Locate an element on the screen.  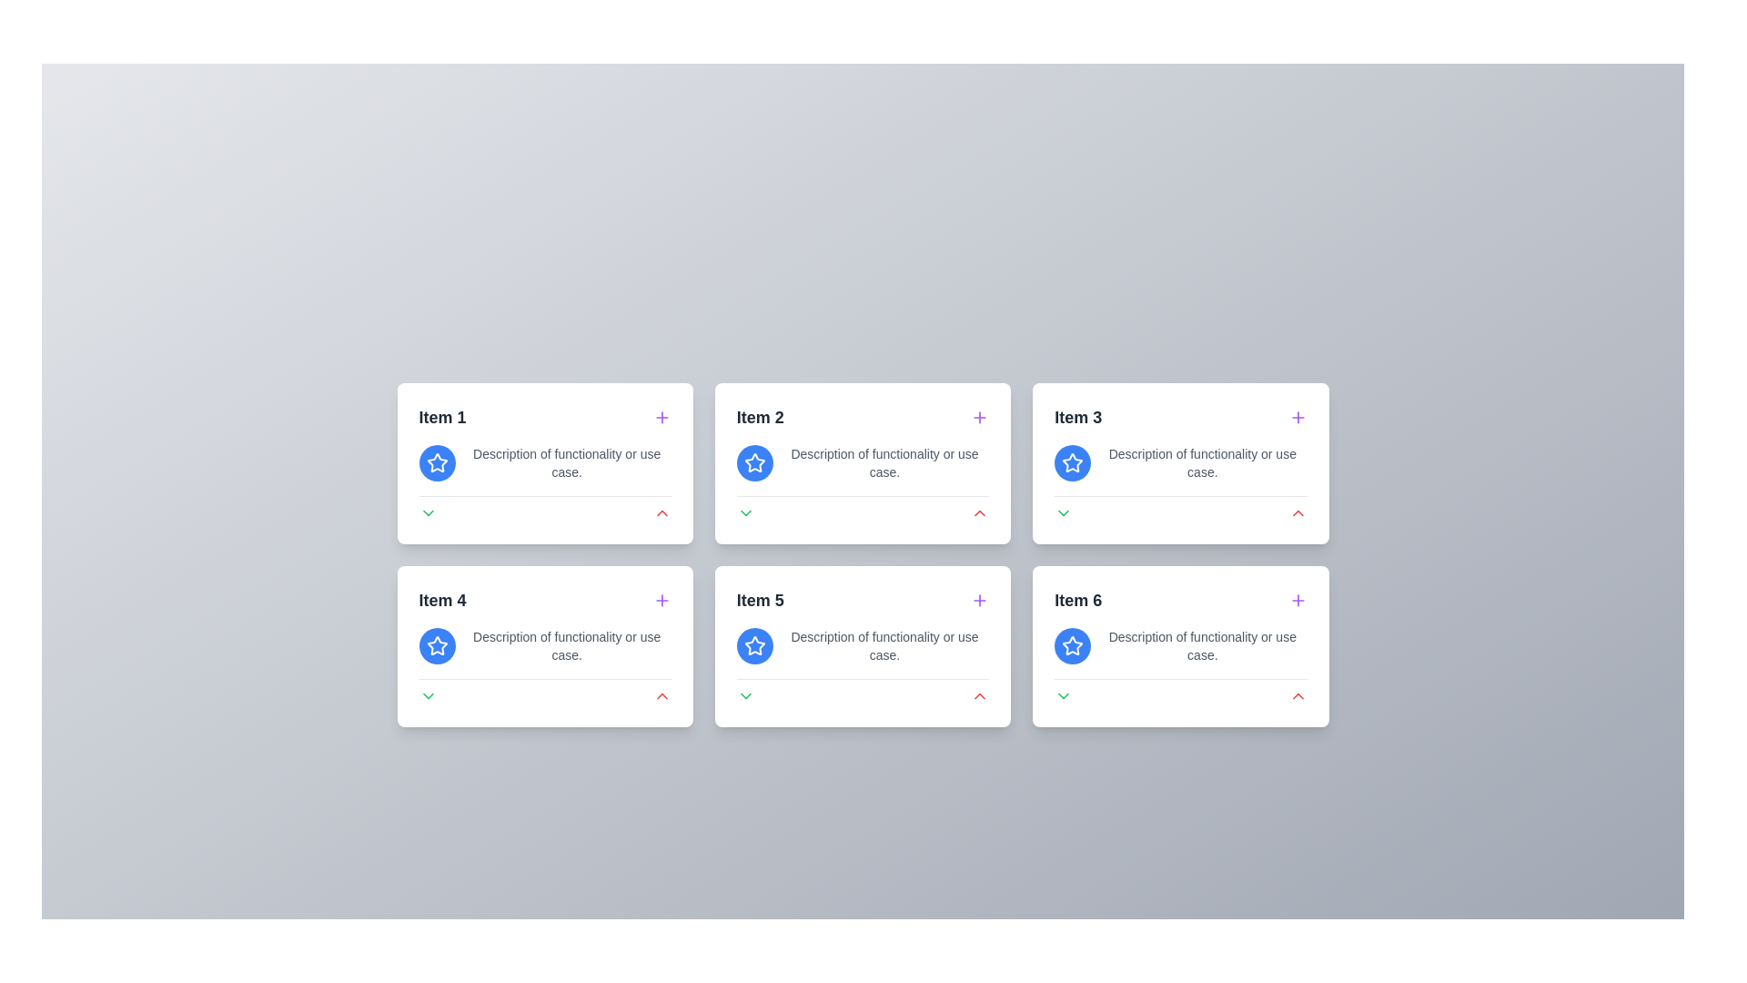
the static text label located in the second column of the second row of the grid layout is located at coordinates (760, 600).